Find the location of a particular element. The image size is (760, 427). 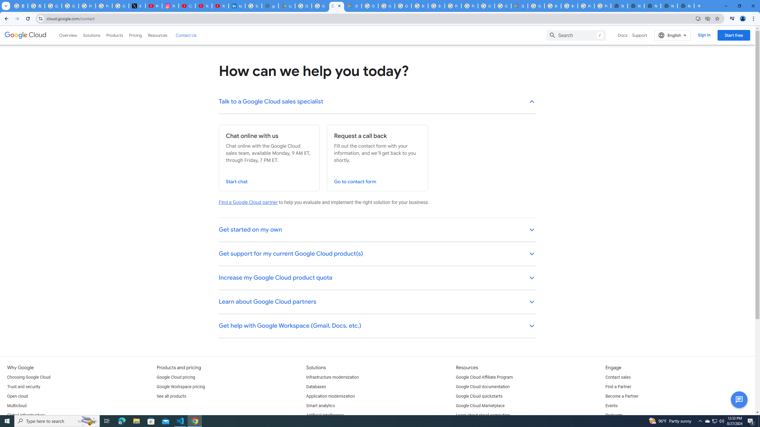

'Pricing' is located at coordinates (135, 35).